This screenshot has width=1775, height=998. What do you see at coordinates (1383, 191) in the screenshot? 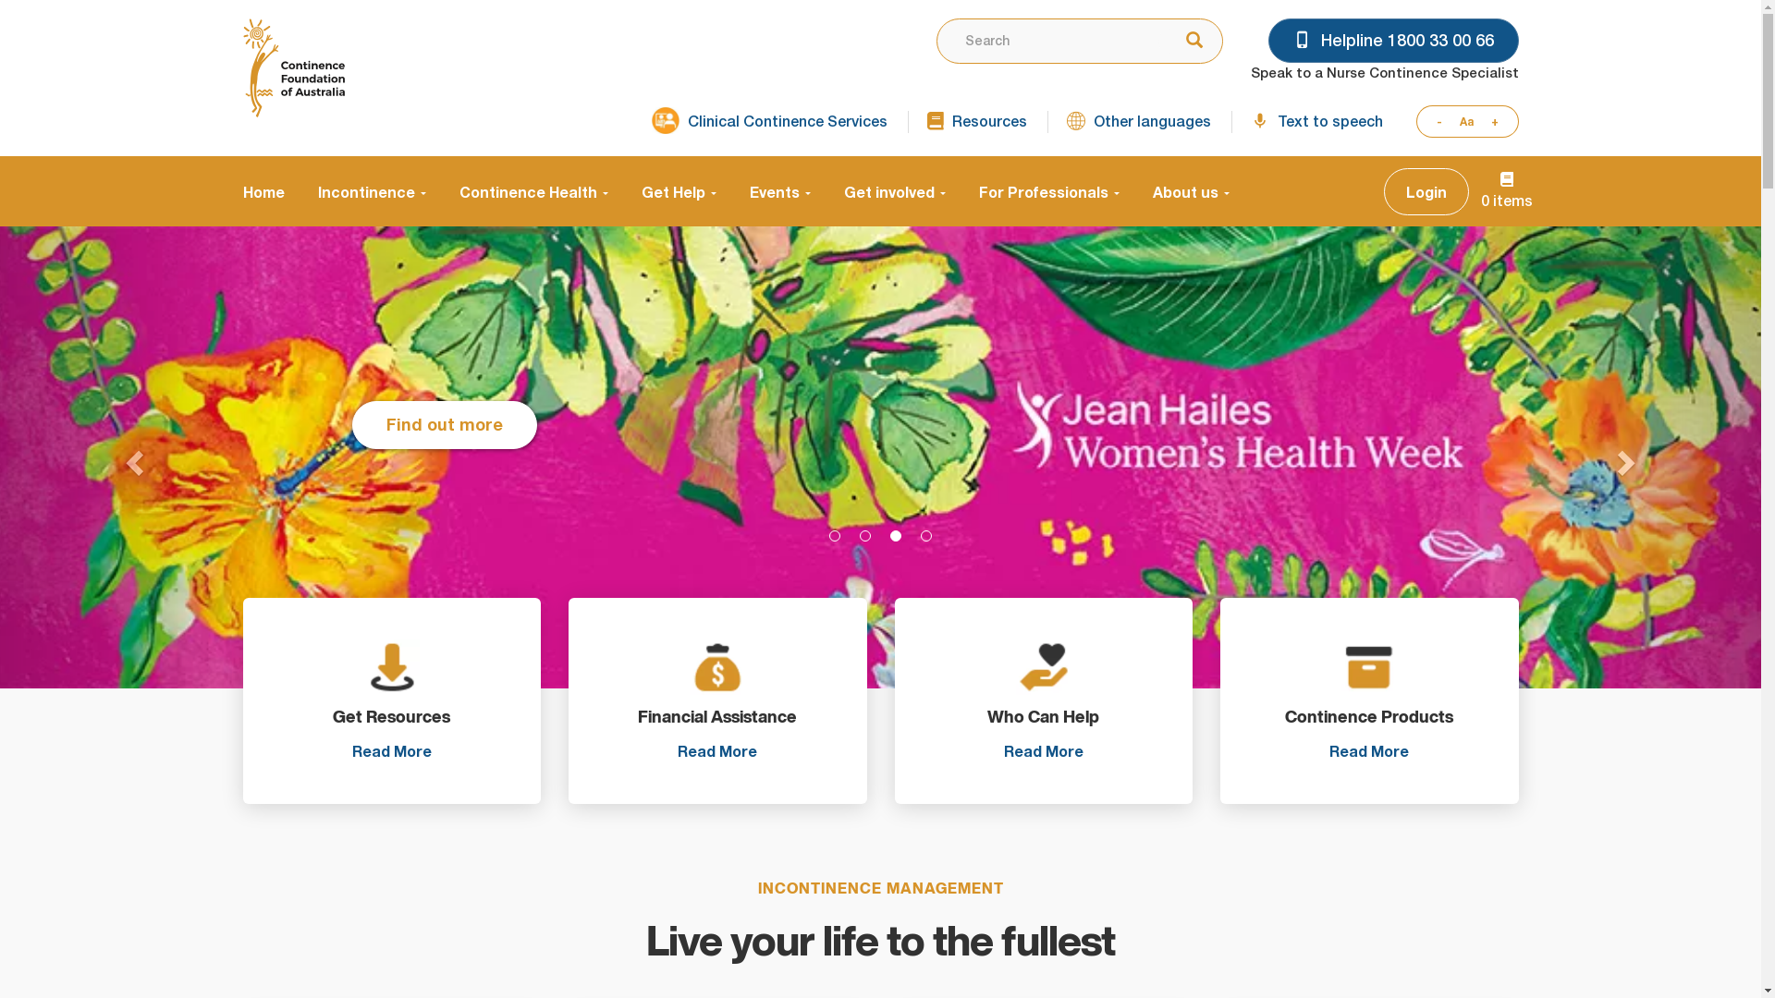
I see `'Login'` at bounding box center [1383, 191].